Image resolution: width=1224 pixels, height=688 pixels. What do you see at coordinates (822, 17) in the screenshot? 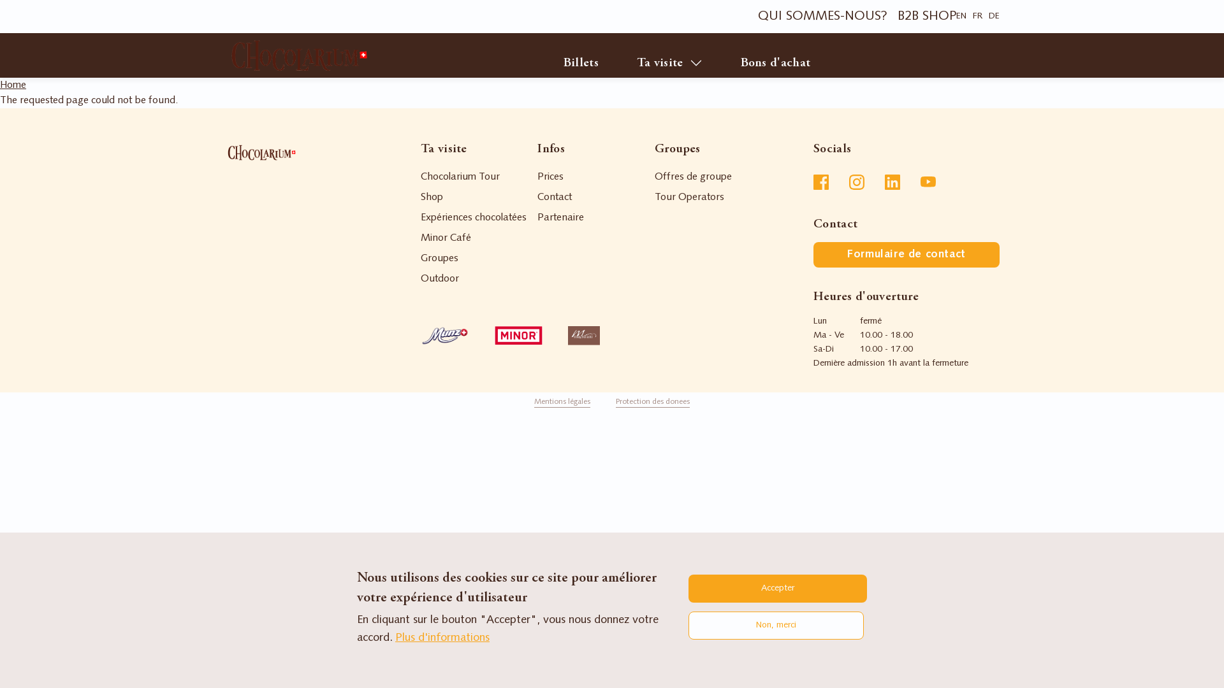
I see `'QUI SOMMES-NOUS?'` at bounding box center [822, 17].